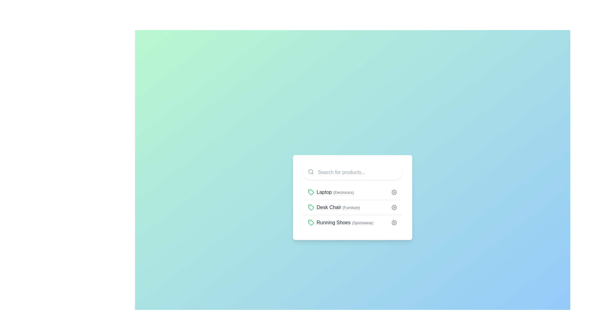 The height and width of the screenshot is (335, 596). What do you see at coordinates (394, 192) in the screenshot?
I see `the cogwheel icon located at the far right side of the 'Laptop (Electronics)' row` at bounding box center [394, 192].